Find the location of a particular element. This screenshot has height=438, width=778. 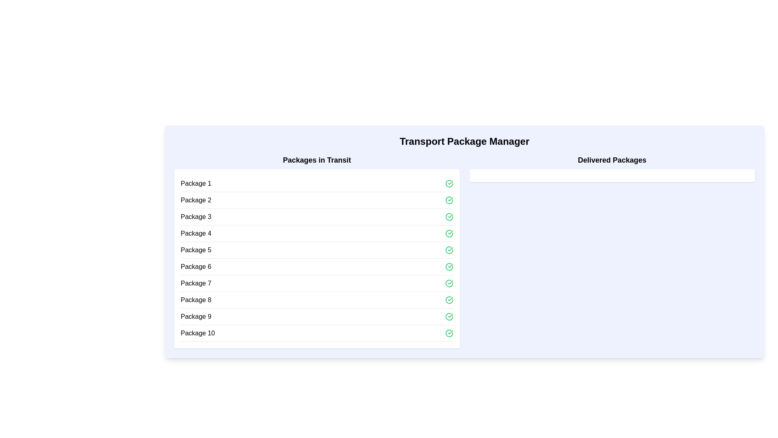

the first package entry is located at coordinates (316, 184).